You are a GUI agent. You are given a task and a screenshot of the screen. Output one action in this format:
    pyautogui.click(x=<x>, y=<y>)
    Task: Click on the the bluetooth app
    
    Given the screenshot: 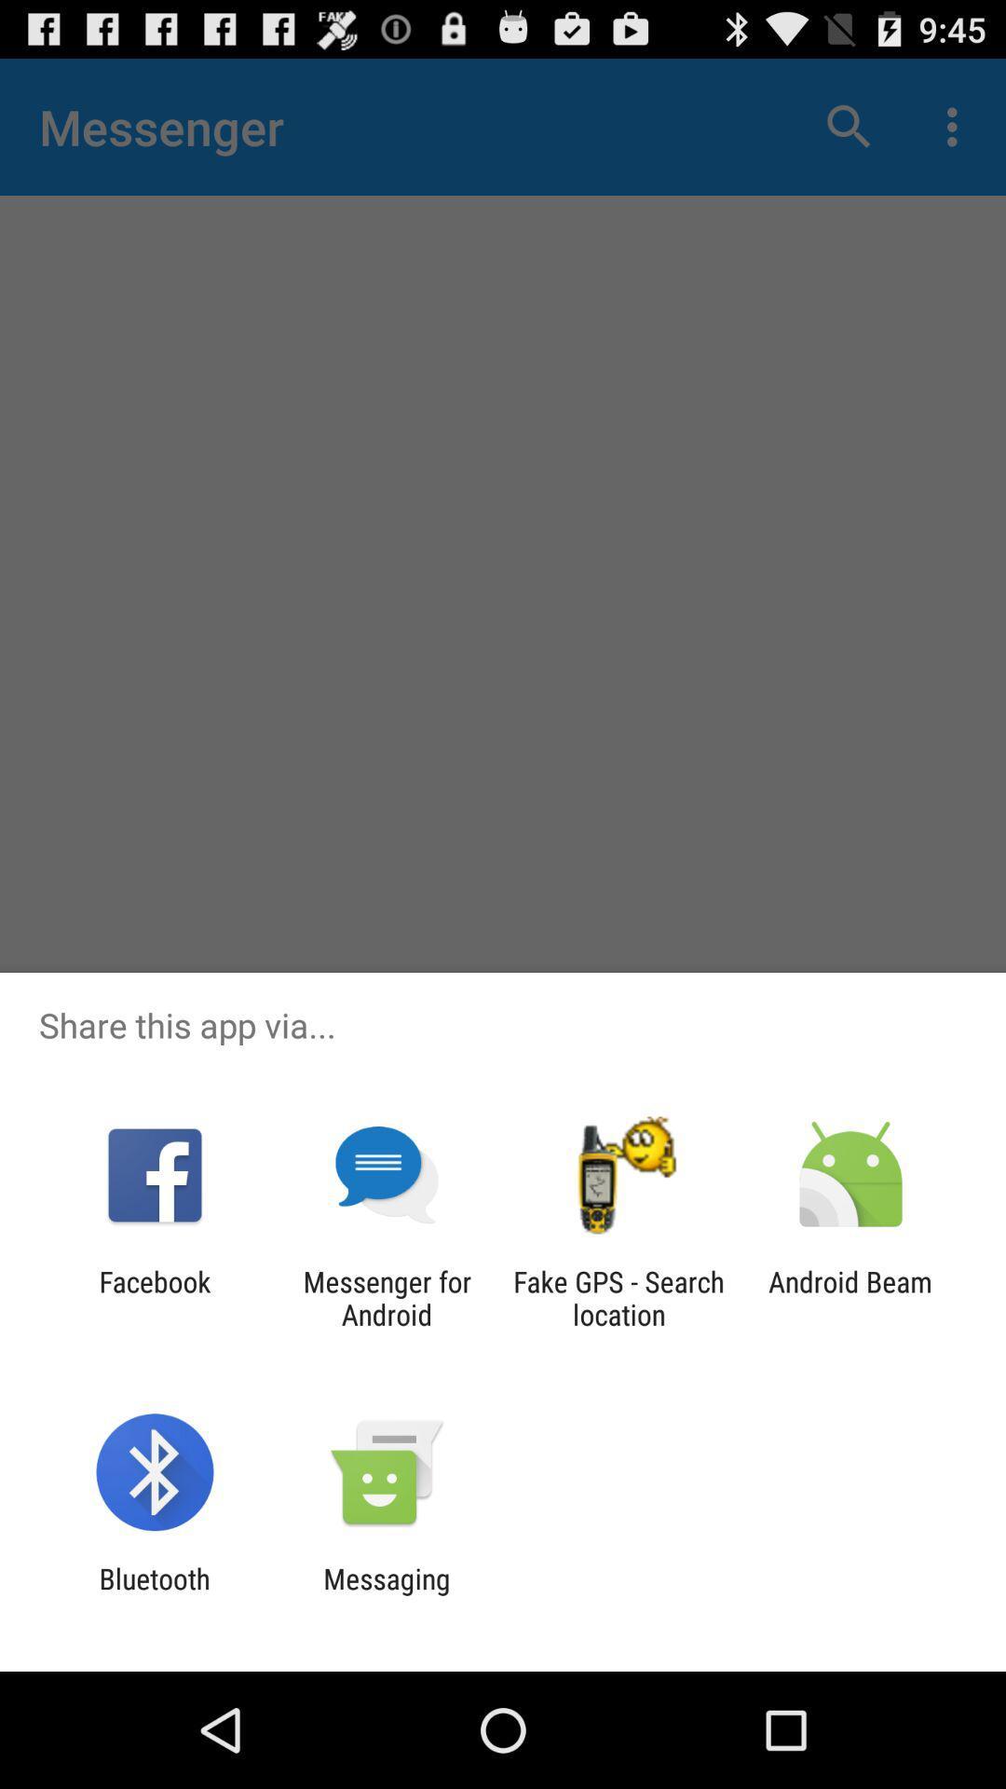 What is the action you would take?
    pyautogui.click(x=154, y=1594)
    